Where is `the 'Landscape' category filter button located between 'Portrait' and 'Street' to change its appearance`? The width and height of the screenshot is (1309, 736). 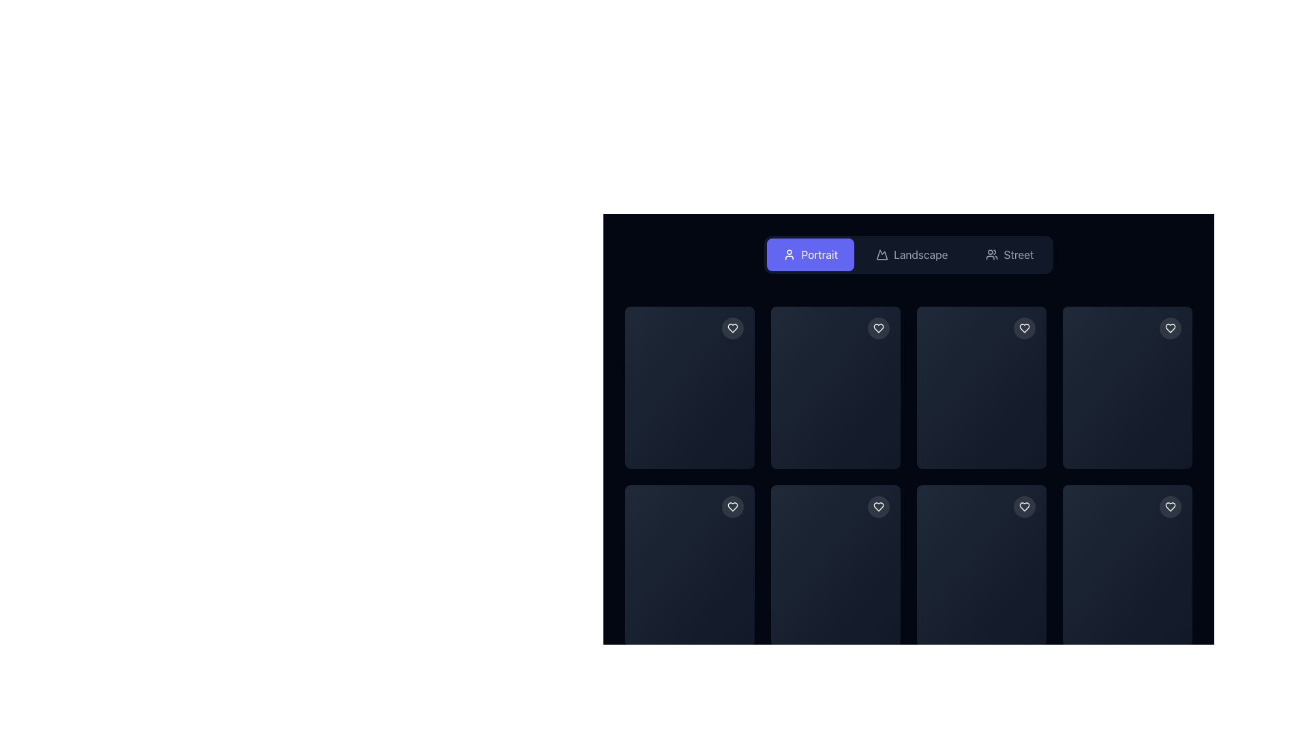 the 'Landscape' category filter button located between 'Portrait' and 'Street' to change its appearance is located at coordinates (912, 255).